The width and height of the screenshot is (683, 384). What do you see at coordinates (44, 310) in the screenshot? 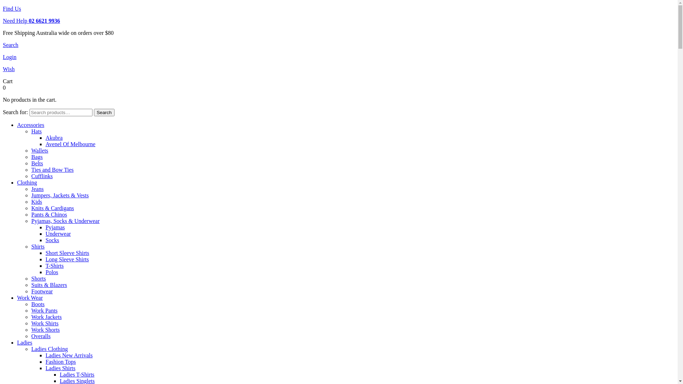
I see `'Work Pants'` at bounding box center [44, 310].